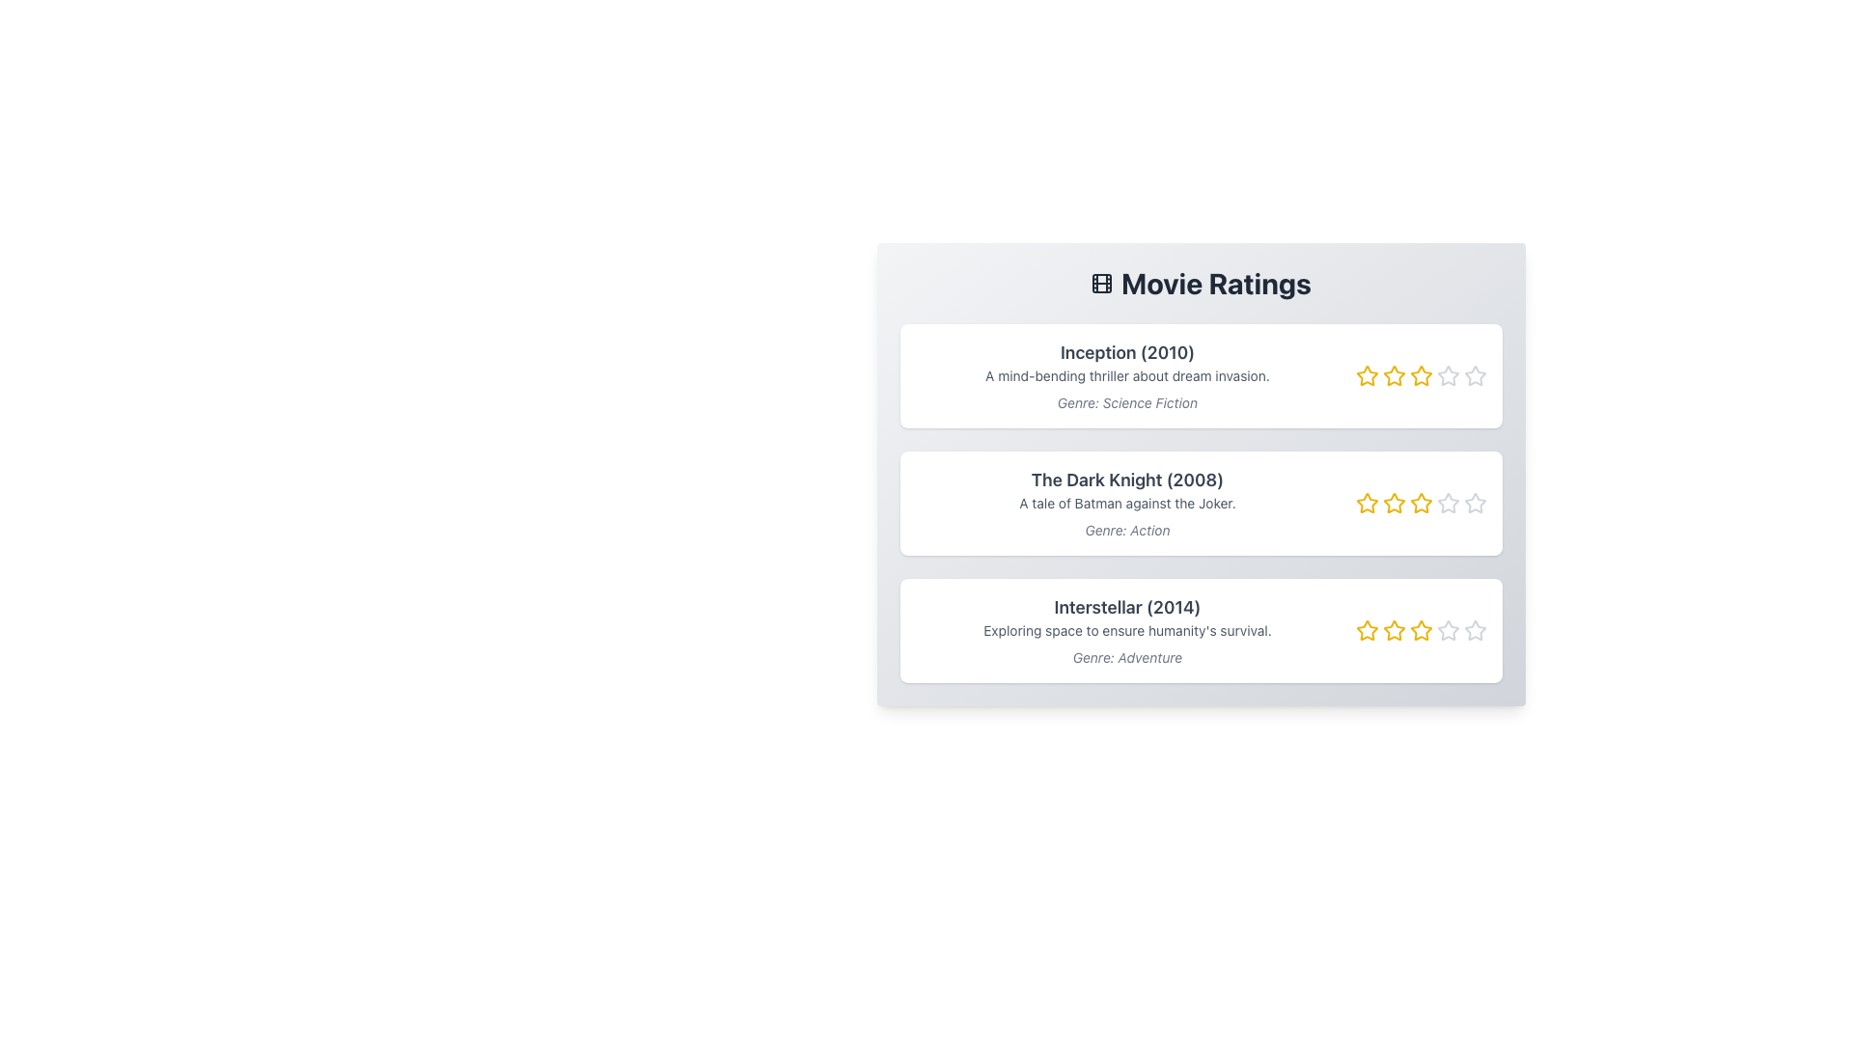 This screenshot has width=1853, height=1042. Describe the element at coordinates (1127, 353) in the screenshot. I see `the title and release year text of the movie 'Inception'` at that location.